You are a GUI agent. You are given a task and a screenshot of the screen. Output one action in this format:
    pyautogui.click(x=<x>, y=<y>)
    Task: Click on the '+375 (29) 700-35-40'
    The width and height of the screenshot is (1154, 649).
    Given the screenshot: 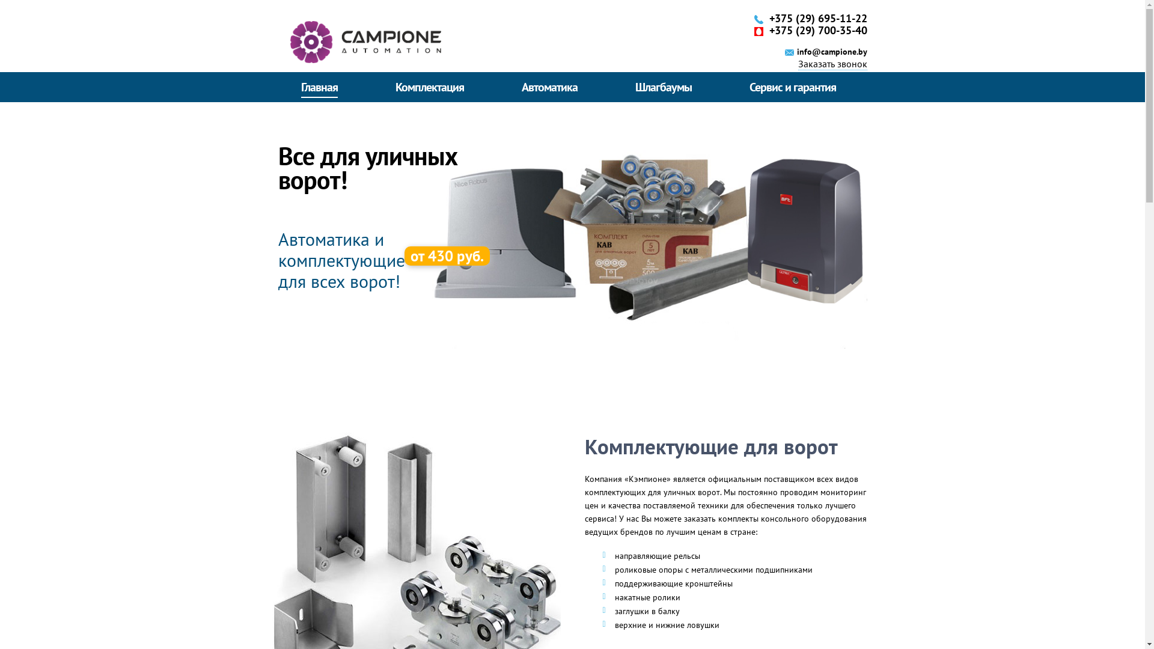 What is the action you would take?
    pyautogui.click(x=817, y=29)
    